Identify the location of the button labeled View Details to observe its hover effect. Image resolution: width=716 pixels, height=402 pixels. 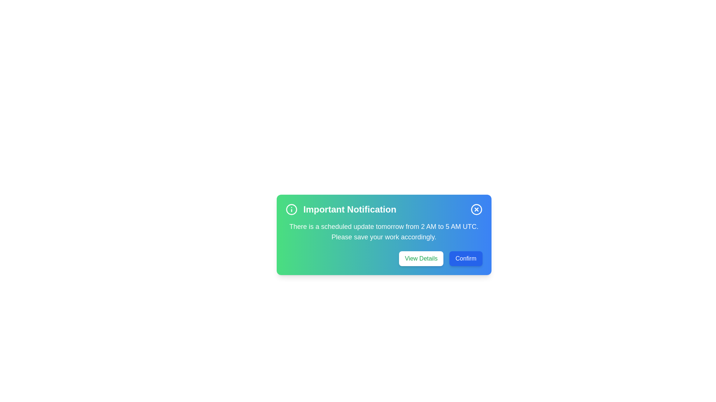
(421, 258).